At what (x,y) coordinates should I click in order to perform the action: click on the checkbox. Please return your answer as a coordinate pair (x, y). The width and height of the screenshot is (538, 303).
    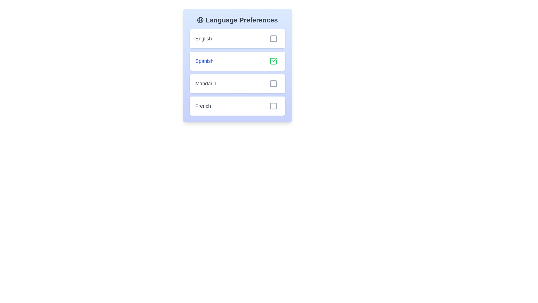
    Looking at the image, I should click on (273, 61).